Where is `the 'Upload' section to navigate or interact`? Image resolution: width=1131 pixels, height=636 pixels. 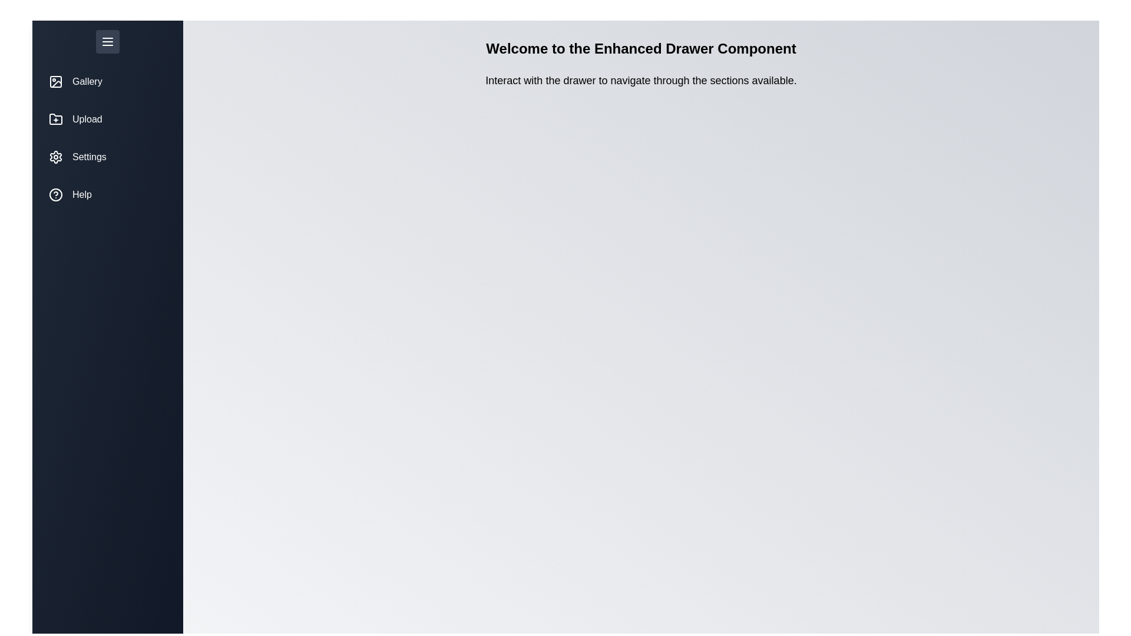 the 'Upload' section to navigate or interact is located at coordinates (107, 120).